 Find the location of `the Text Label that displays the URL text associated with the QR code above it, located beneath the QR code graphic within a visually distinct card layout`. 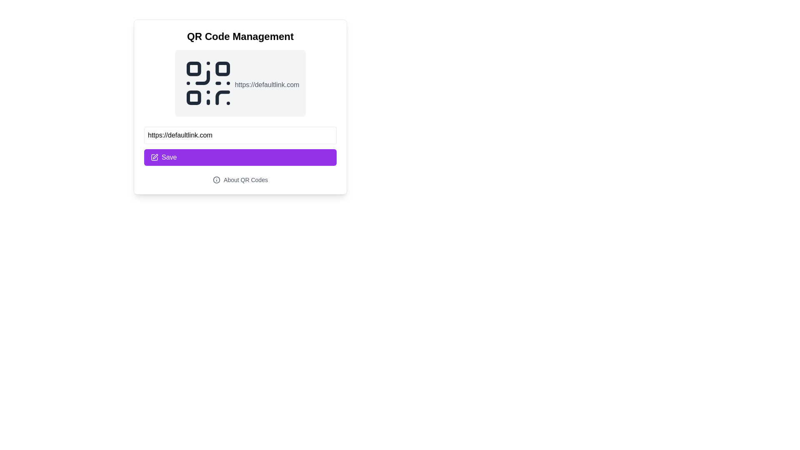

the Text Label that displays the URL text associated with the QR code above it, located beneath the QR code graphic within a visually distinct card layout is located at coordinates (267, 85).